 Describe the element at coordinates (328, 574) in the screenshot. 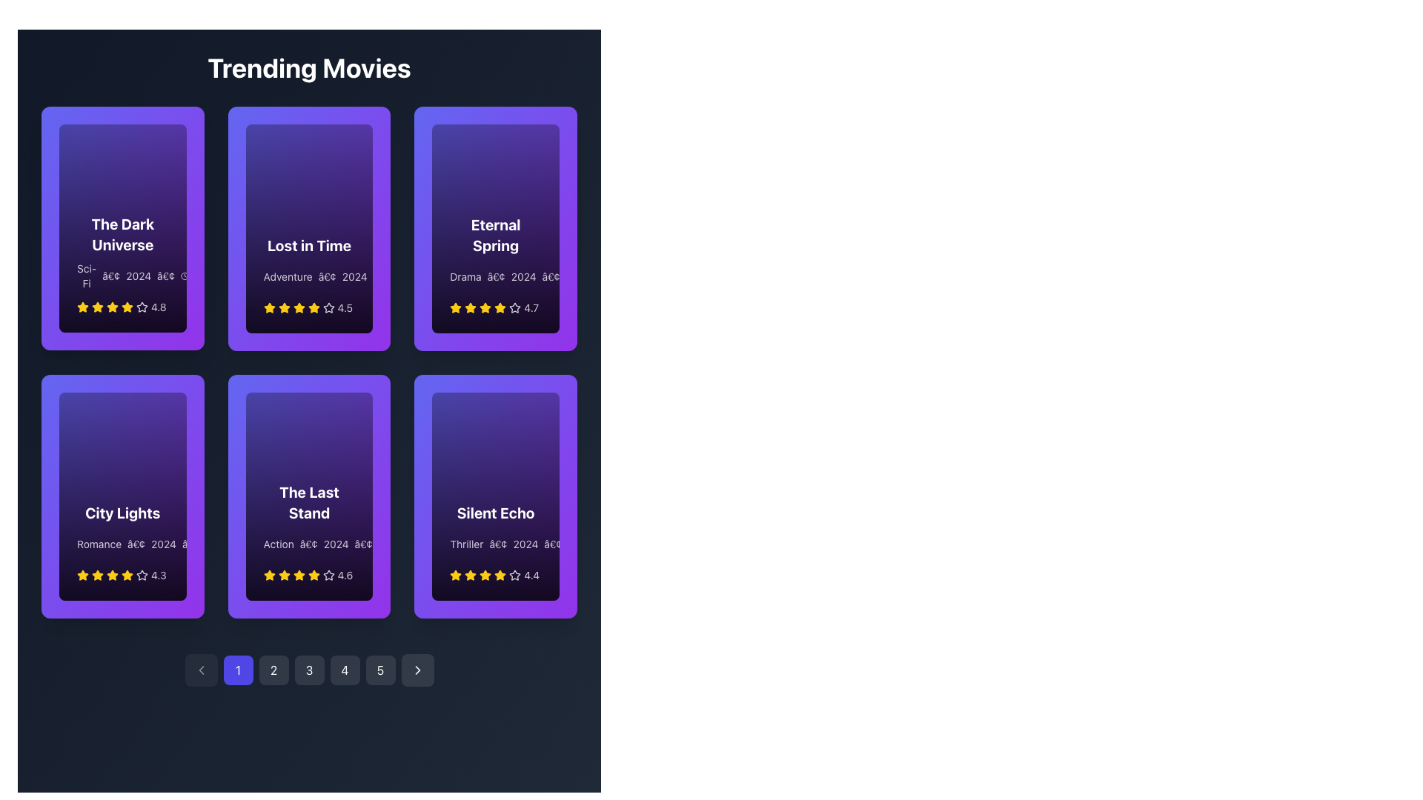

I see `the sixth star icon (Unselected) in the rating section below the movie card labeled 'The Last Stand'` at that location.